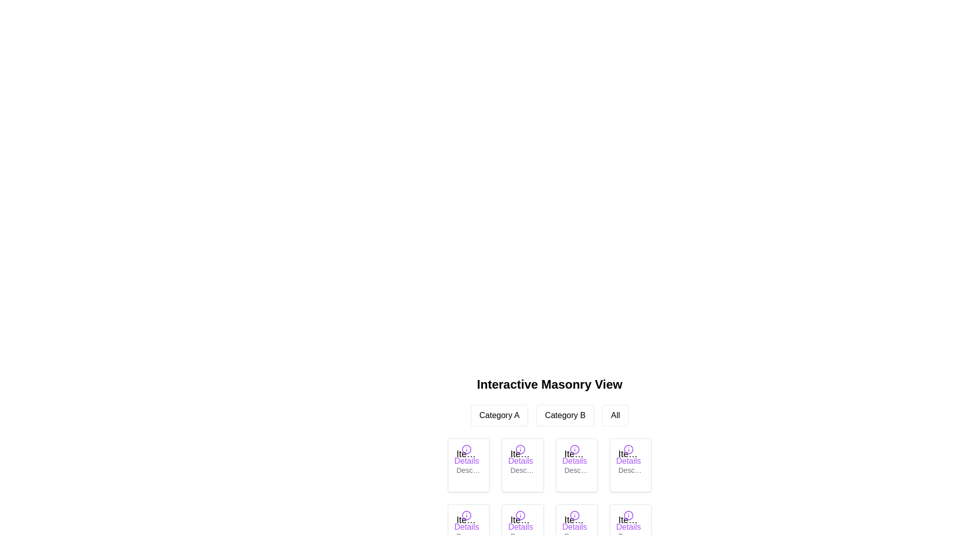 The height and width of the screenshot is (548, 975). Describe the element at coordinates (499, 415) in the screenshot. I see `the 'Category A' button, which is a rectangular button with rounded corners and a border` at that location.